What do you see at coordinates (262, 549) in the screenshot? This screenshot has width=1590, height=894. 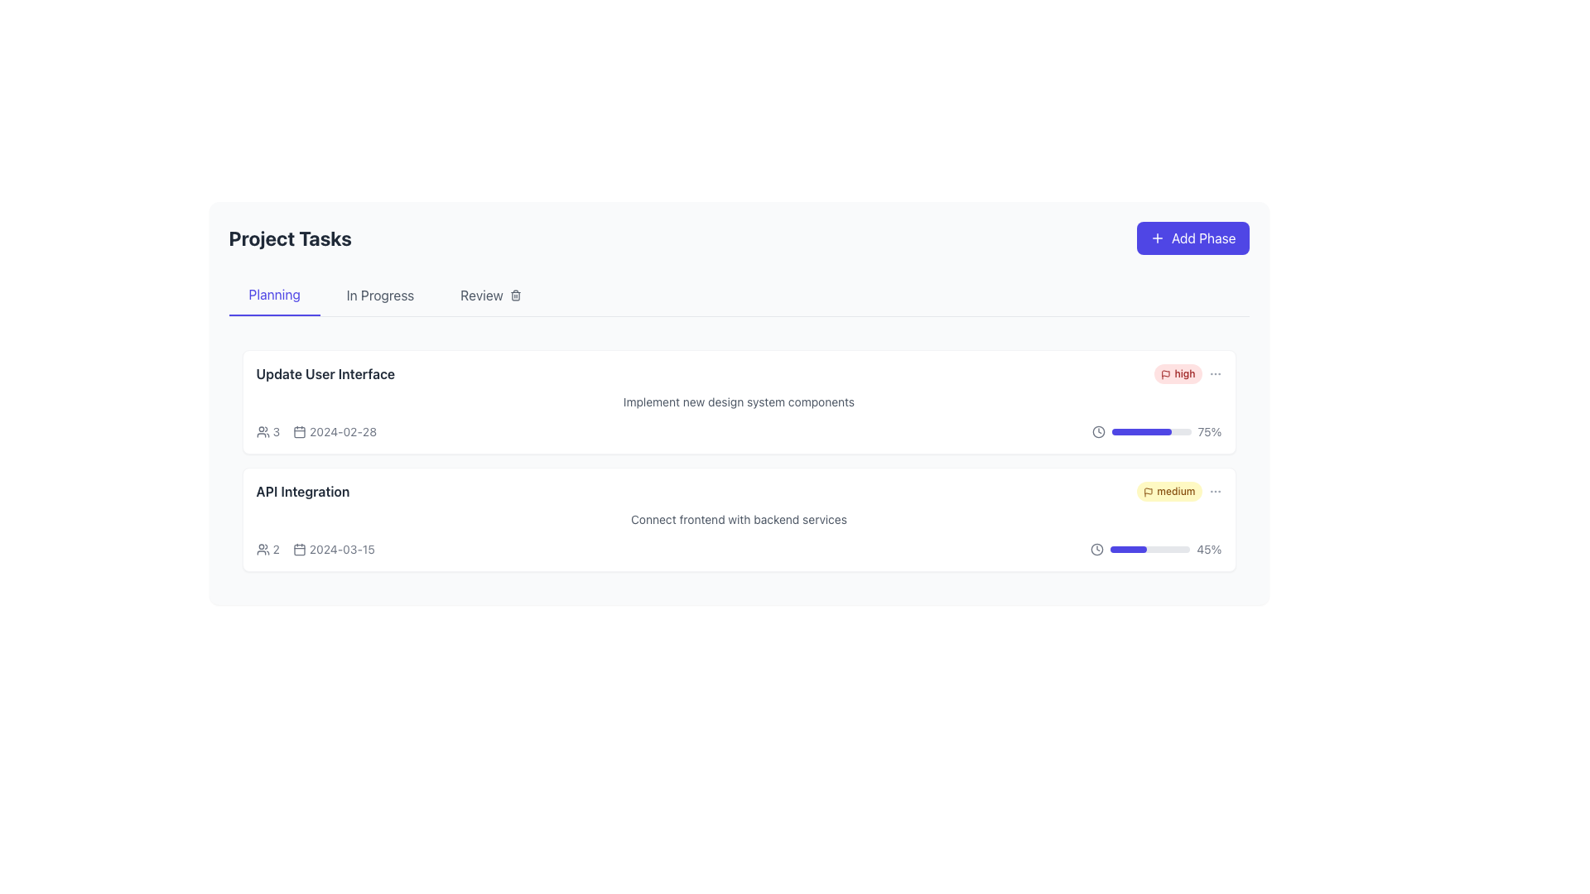 I see `the SVG icon representing a group of people next to the task labeled 'API Integration' and the user count '2'` at bounding box center [262, 549].